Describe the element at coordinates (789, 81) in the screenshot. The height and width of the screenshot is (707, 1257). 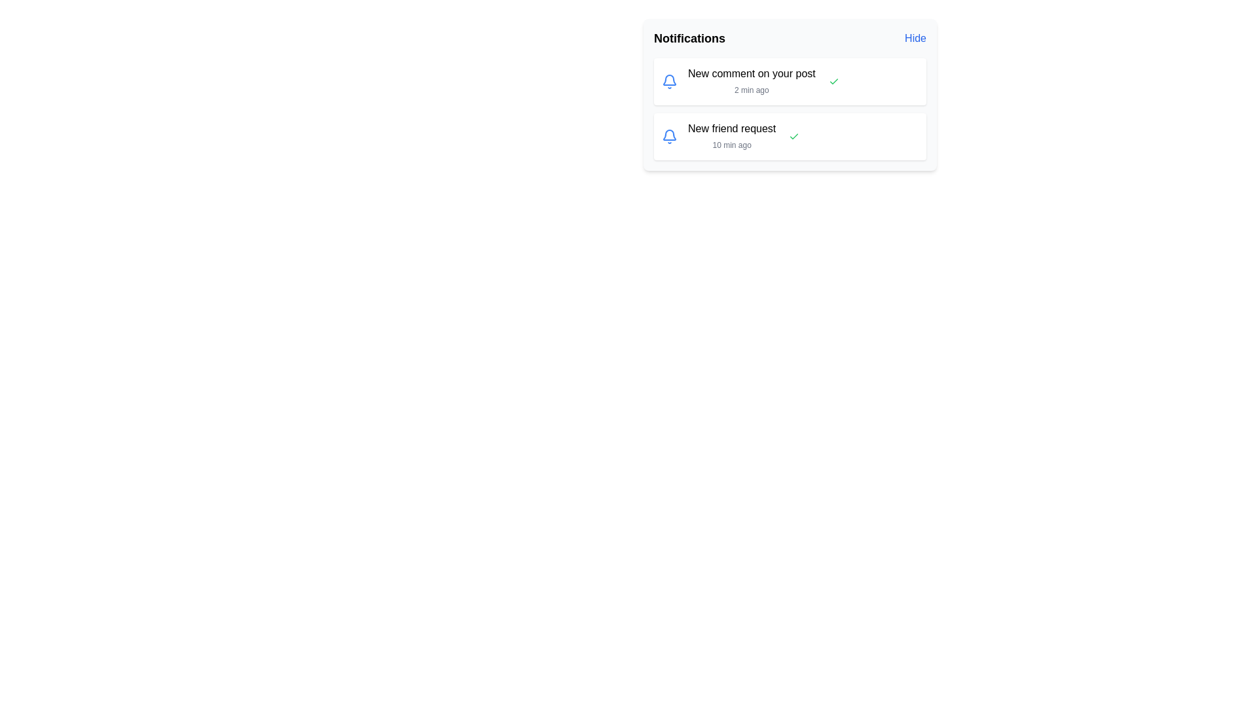
I see `the first notification item that indicates a new comment on your post, showing the time as 2 min ago` at that location.